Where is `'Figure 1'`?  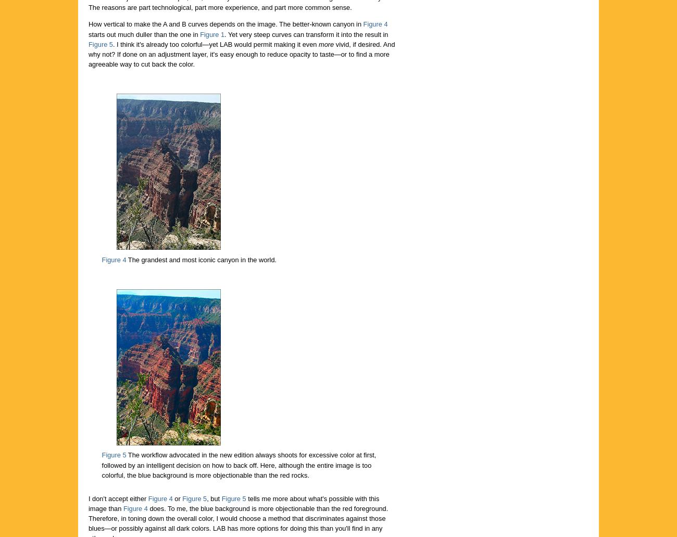
'Figure 1' is located at coordinates (212, 34).